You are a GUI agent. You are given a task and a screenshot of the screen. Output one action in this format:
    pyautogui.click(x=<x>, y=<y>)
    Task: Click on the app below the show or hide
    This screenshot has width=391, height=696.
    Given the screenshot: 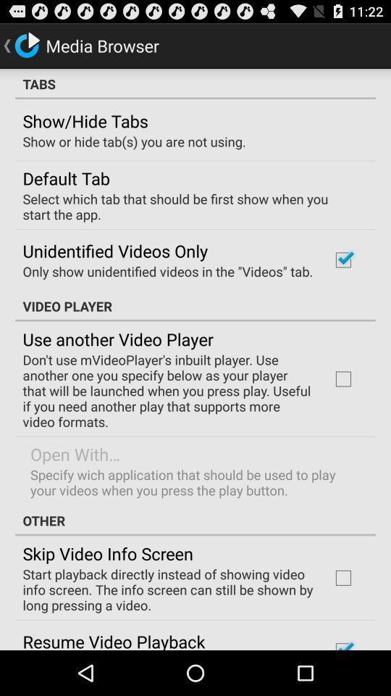 What is the action you would take?
    pyautogui.click(x=65, y=177)
    